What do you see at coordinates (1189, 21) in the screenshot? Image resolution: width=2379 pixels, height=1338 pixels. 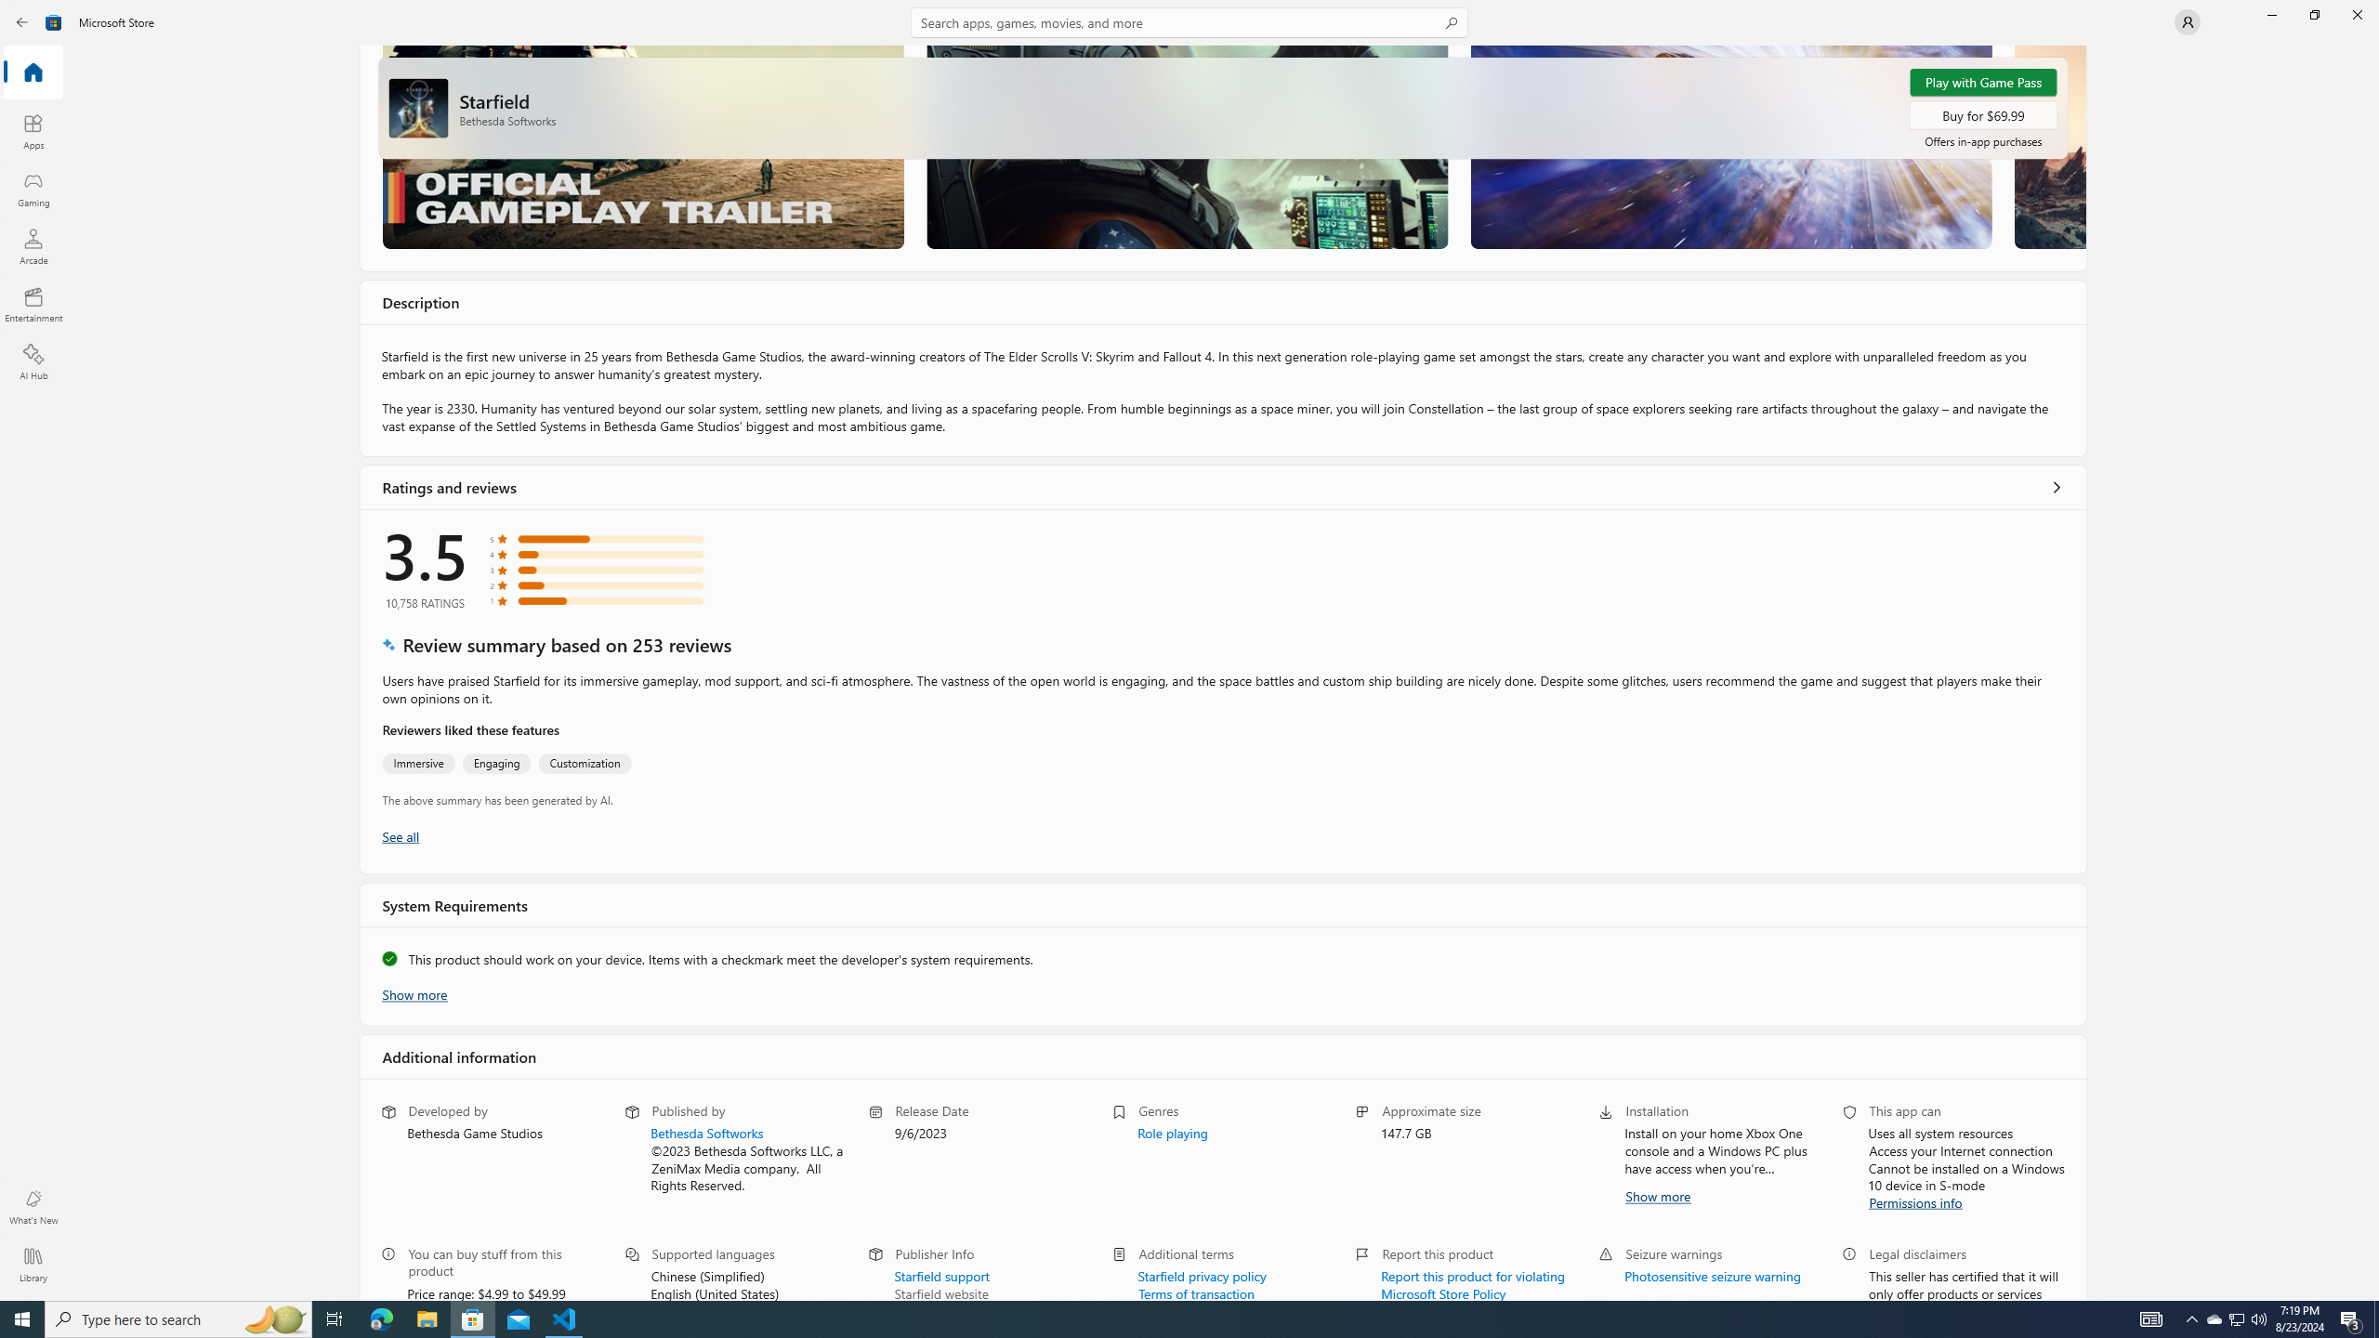 I see `'Search'` at bounding box center [1189, 21].